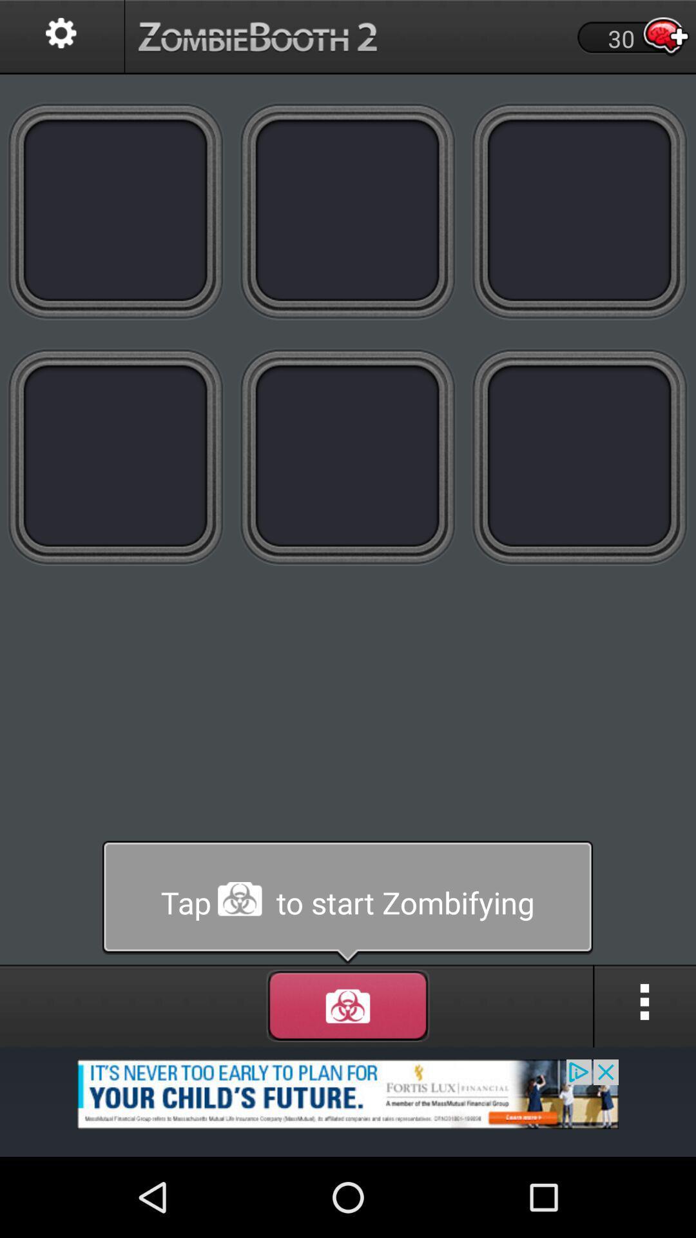 This screenshot has width=696, height=1238. I want to click on see picture, so click(348, 210).